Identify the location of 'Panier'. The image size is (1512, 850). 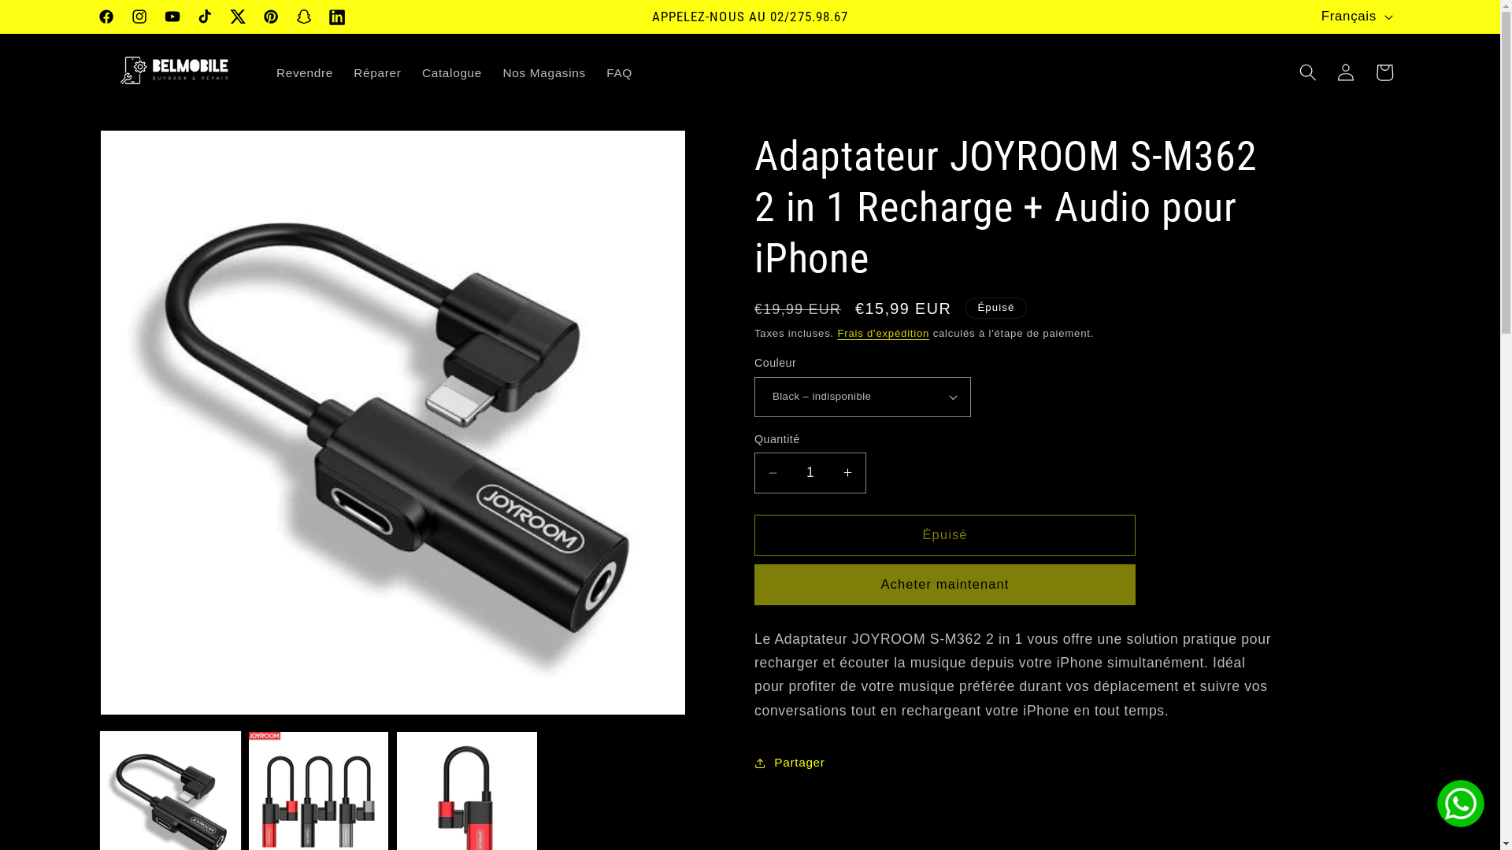
(1383, 72).